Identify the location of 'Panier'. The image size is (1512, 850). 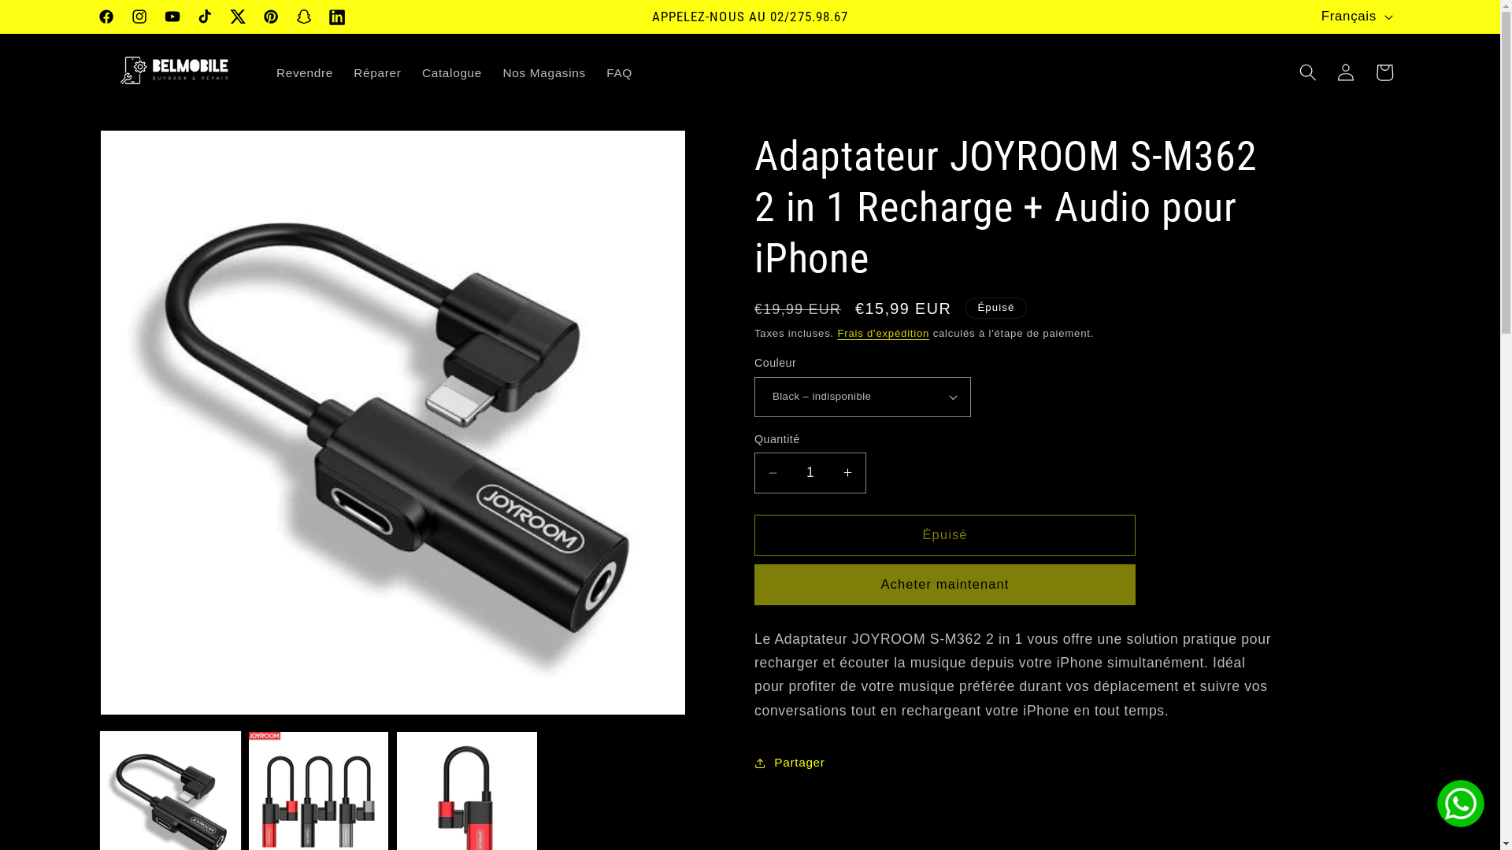
(1383, 72).